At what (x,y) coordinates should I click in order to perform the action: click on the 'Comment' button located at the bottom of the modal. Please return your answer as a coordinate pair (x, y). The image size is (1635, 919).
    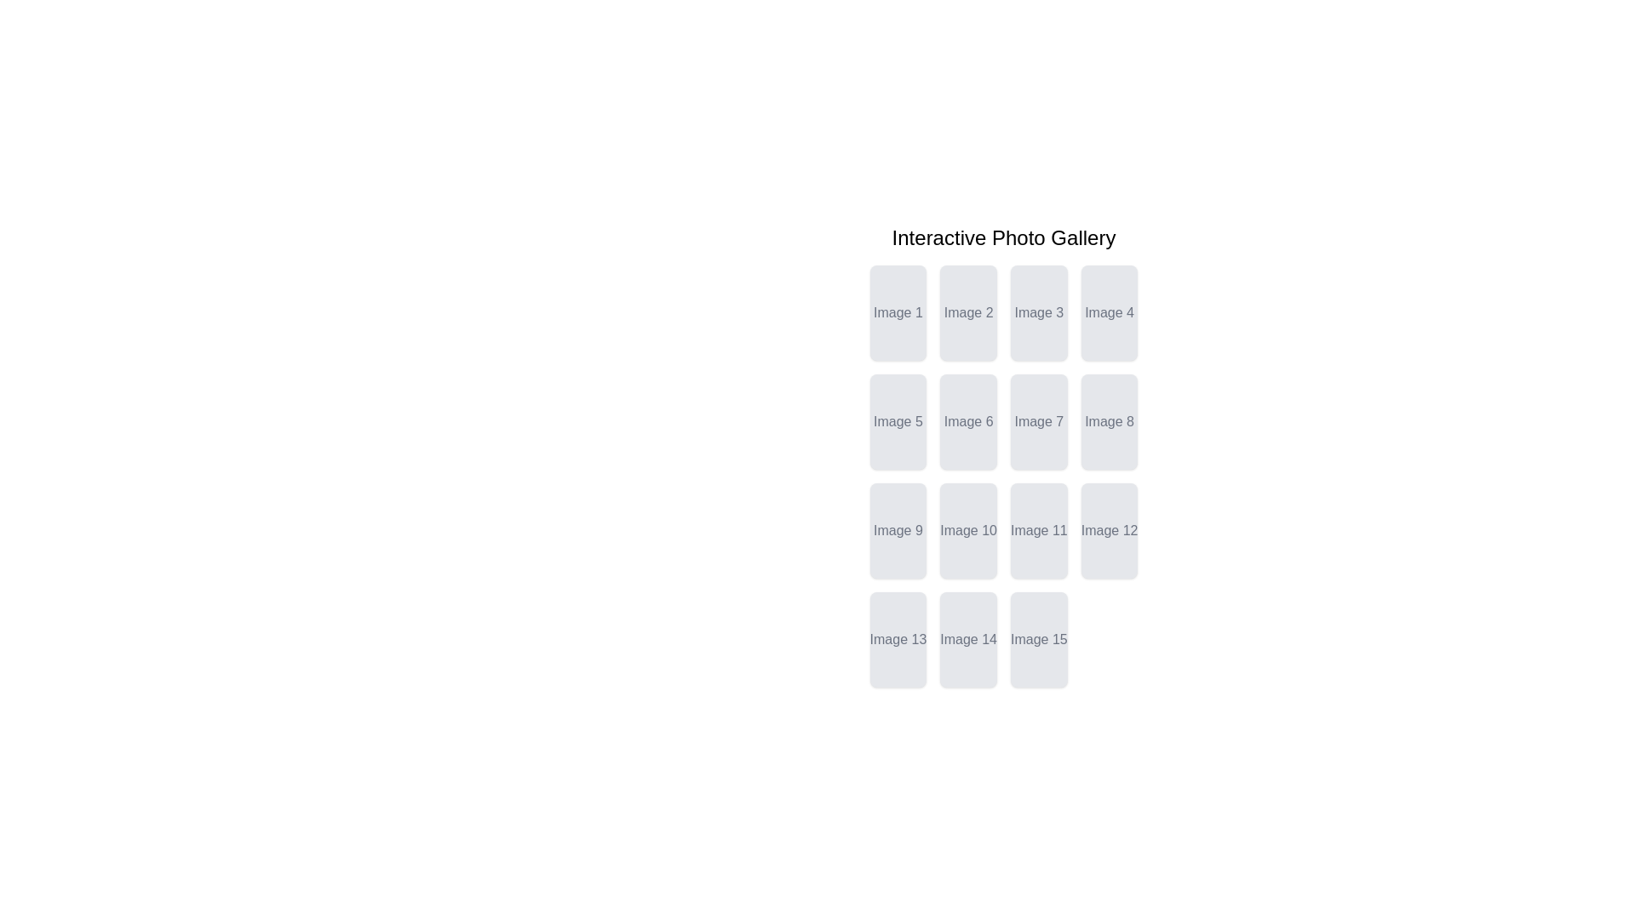
    Looking at the image, I should click on (1038, 669).